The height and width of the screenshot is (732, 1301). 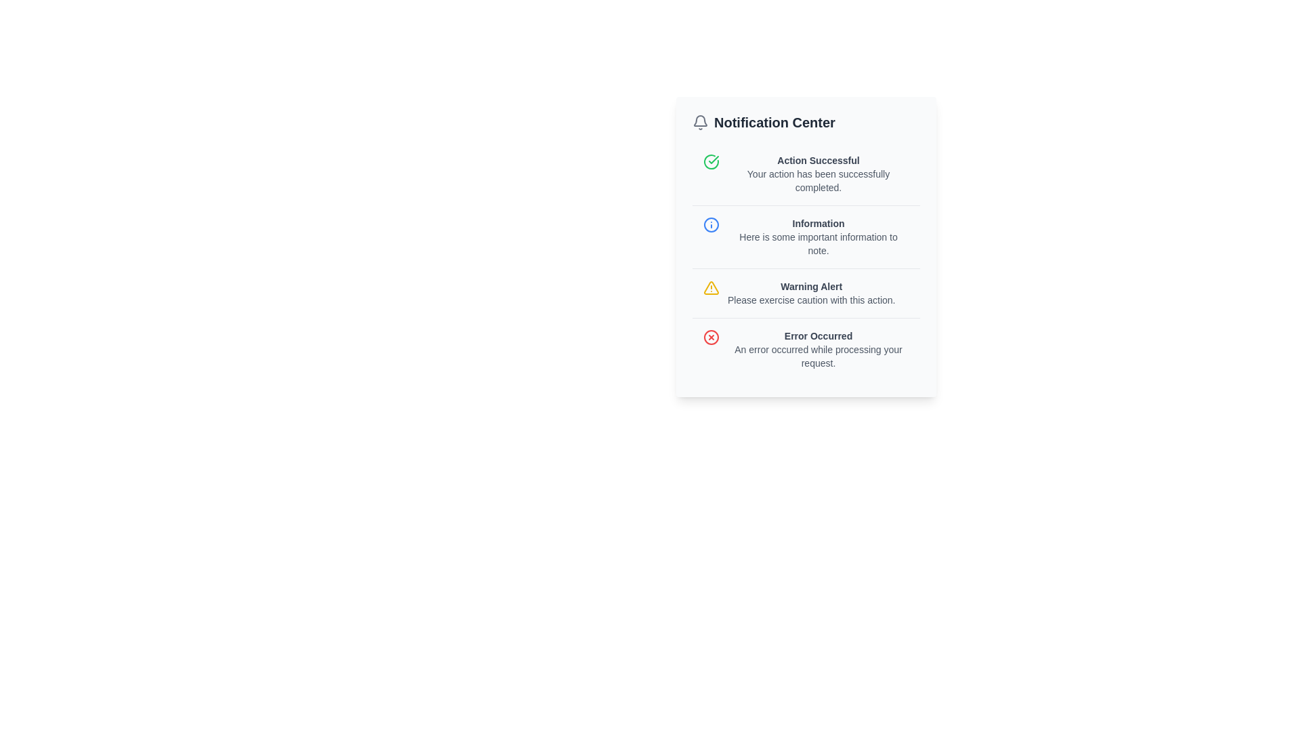 I want to click on the informational error message label located in the lower right quadrant of the interface, below the 'Error Occurred' text, so click(x=818, y=355).